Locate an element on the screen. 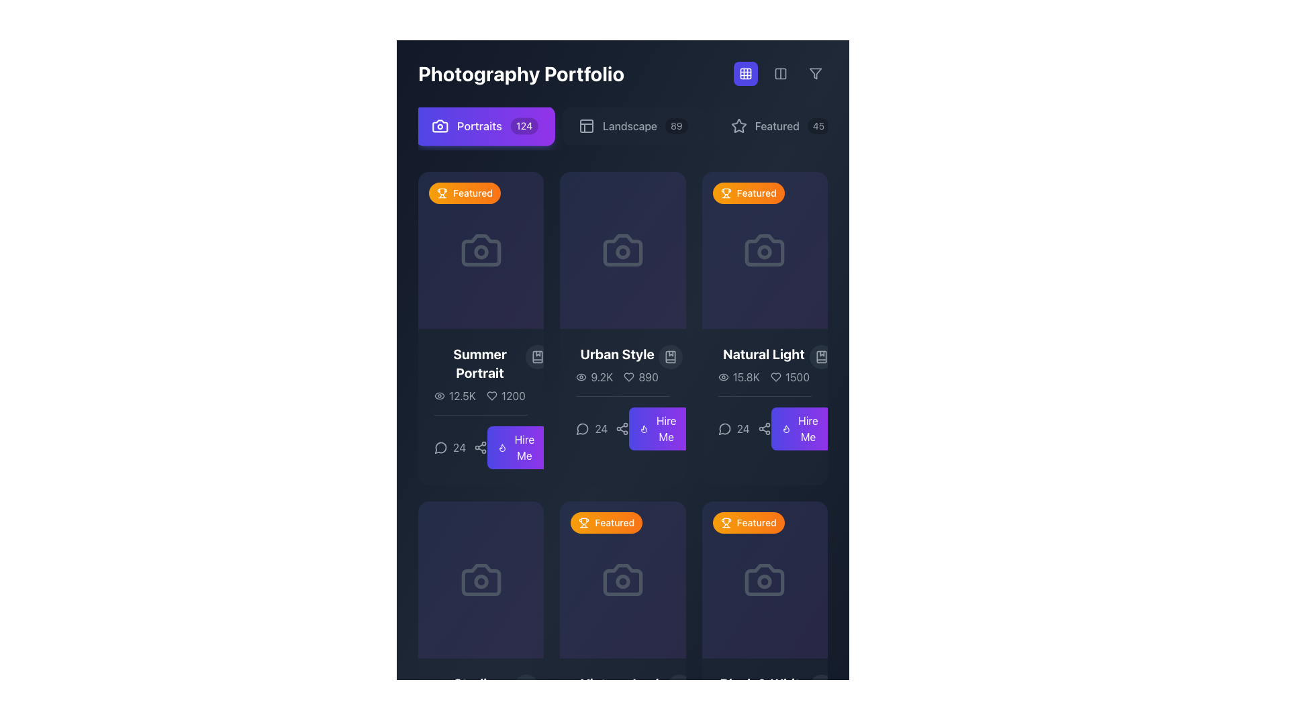 This screenshot has height=725, width=1289. the camera body vector shape within the SVG in the third card of the second row, which is marked with the 'Featured' tag is located at coordinates (622, 579).